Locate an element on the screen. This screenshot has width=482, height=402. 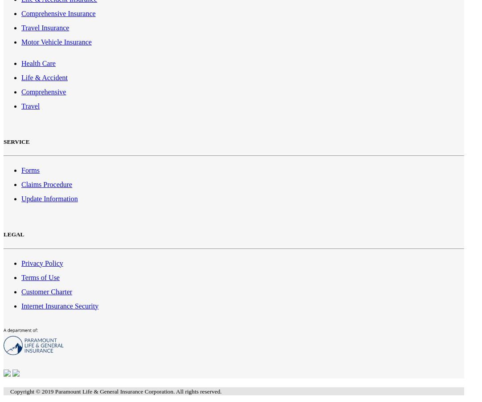
'Terms of Use' is located at coordinates (40, 277).